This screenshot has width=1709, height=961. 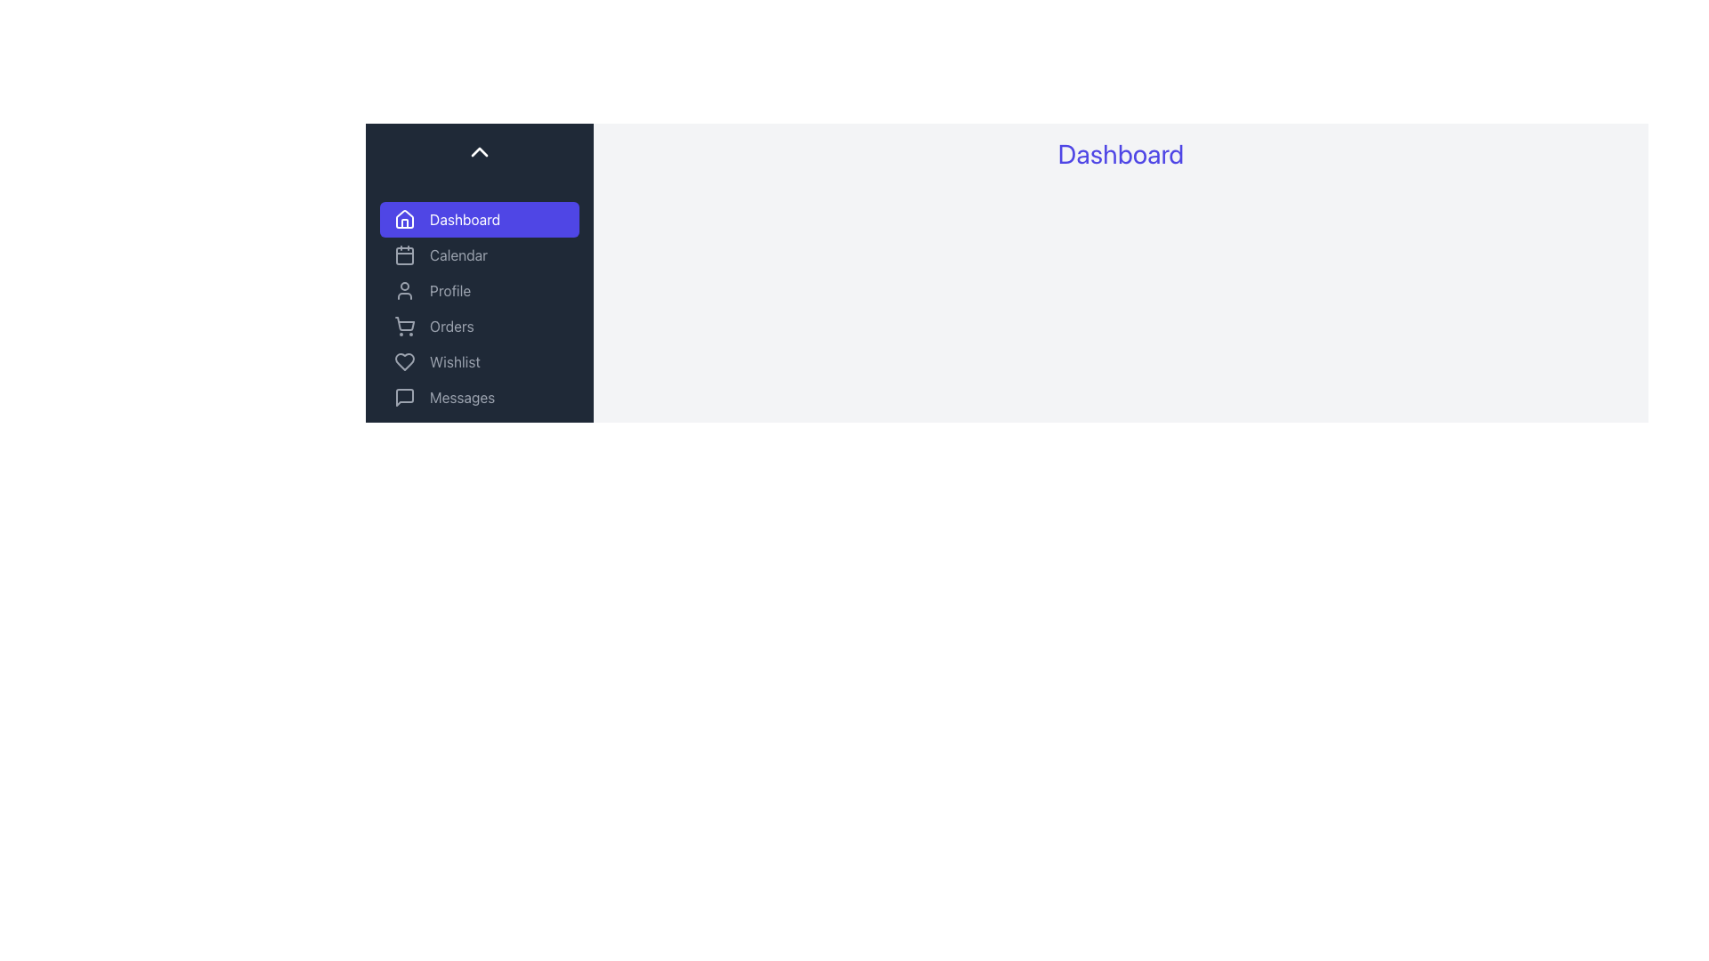 What do you see at coordinates (455, 361) in the screenshot?
I see `the 'Wishlist' text label in the vertical navigation menu, which is the fourth item below 'Orders' and above 'Messages', identified by its association with a heart-shaped icon` at bounding box center [455, 361].